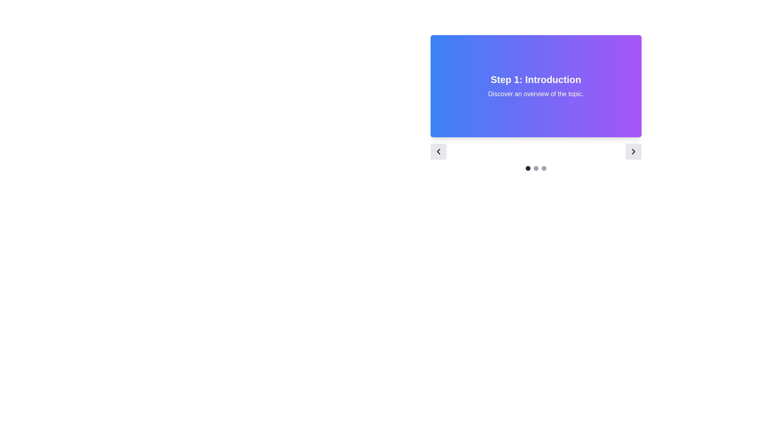 This screenshot has height=431, width=767. Describe the element at coordinates (438, 152) in the screenshot. I see `the left-pointing chevron icon within the light gray rounded rectangular button` at that location.